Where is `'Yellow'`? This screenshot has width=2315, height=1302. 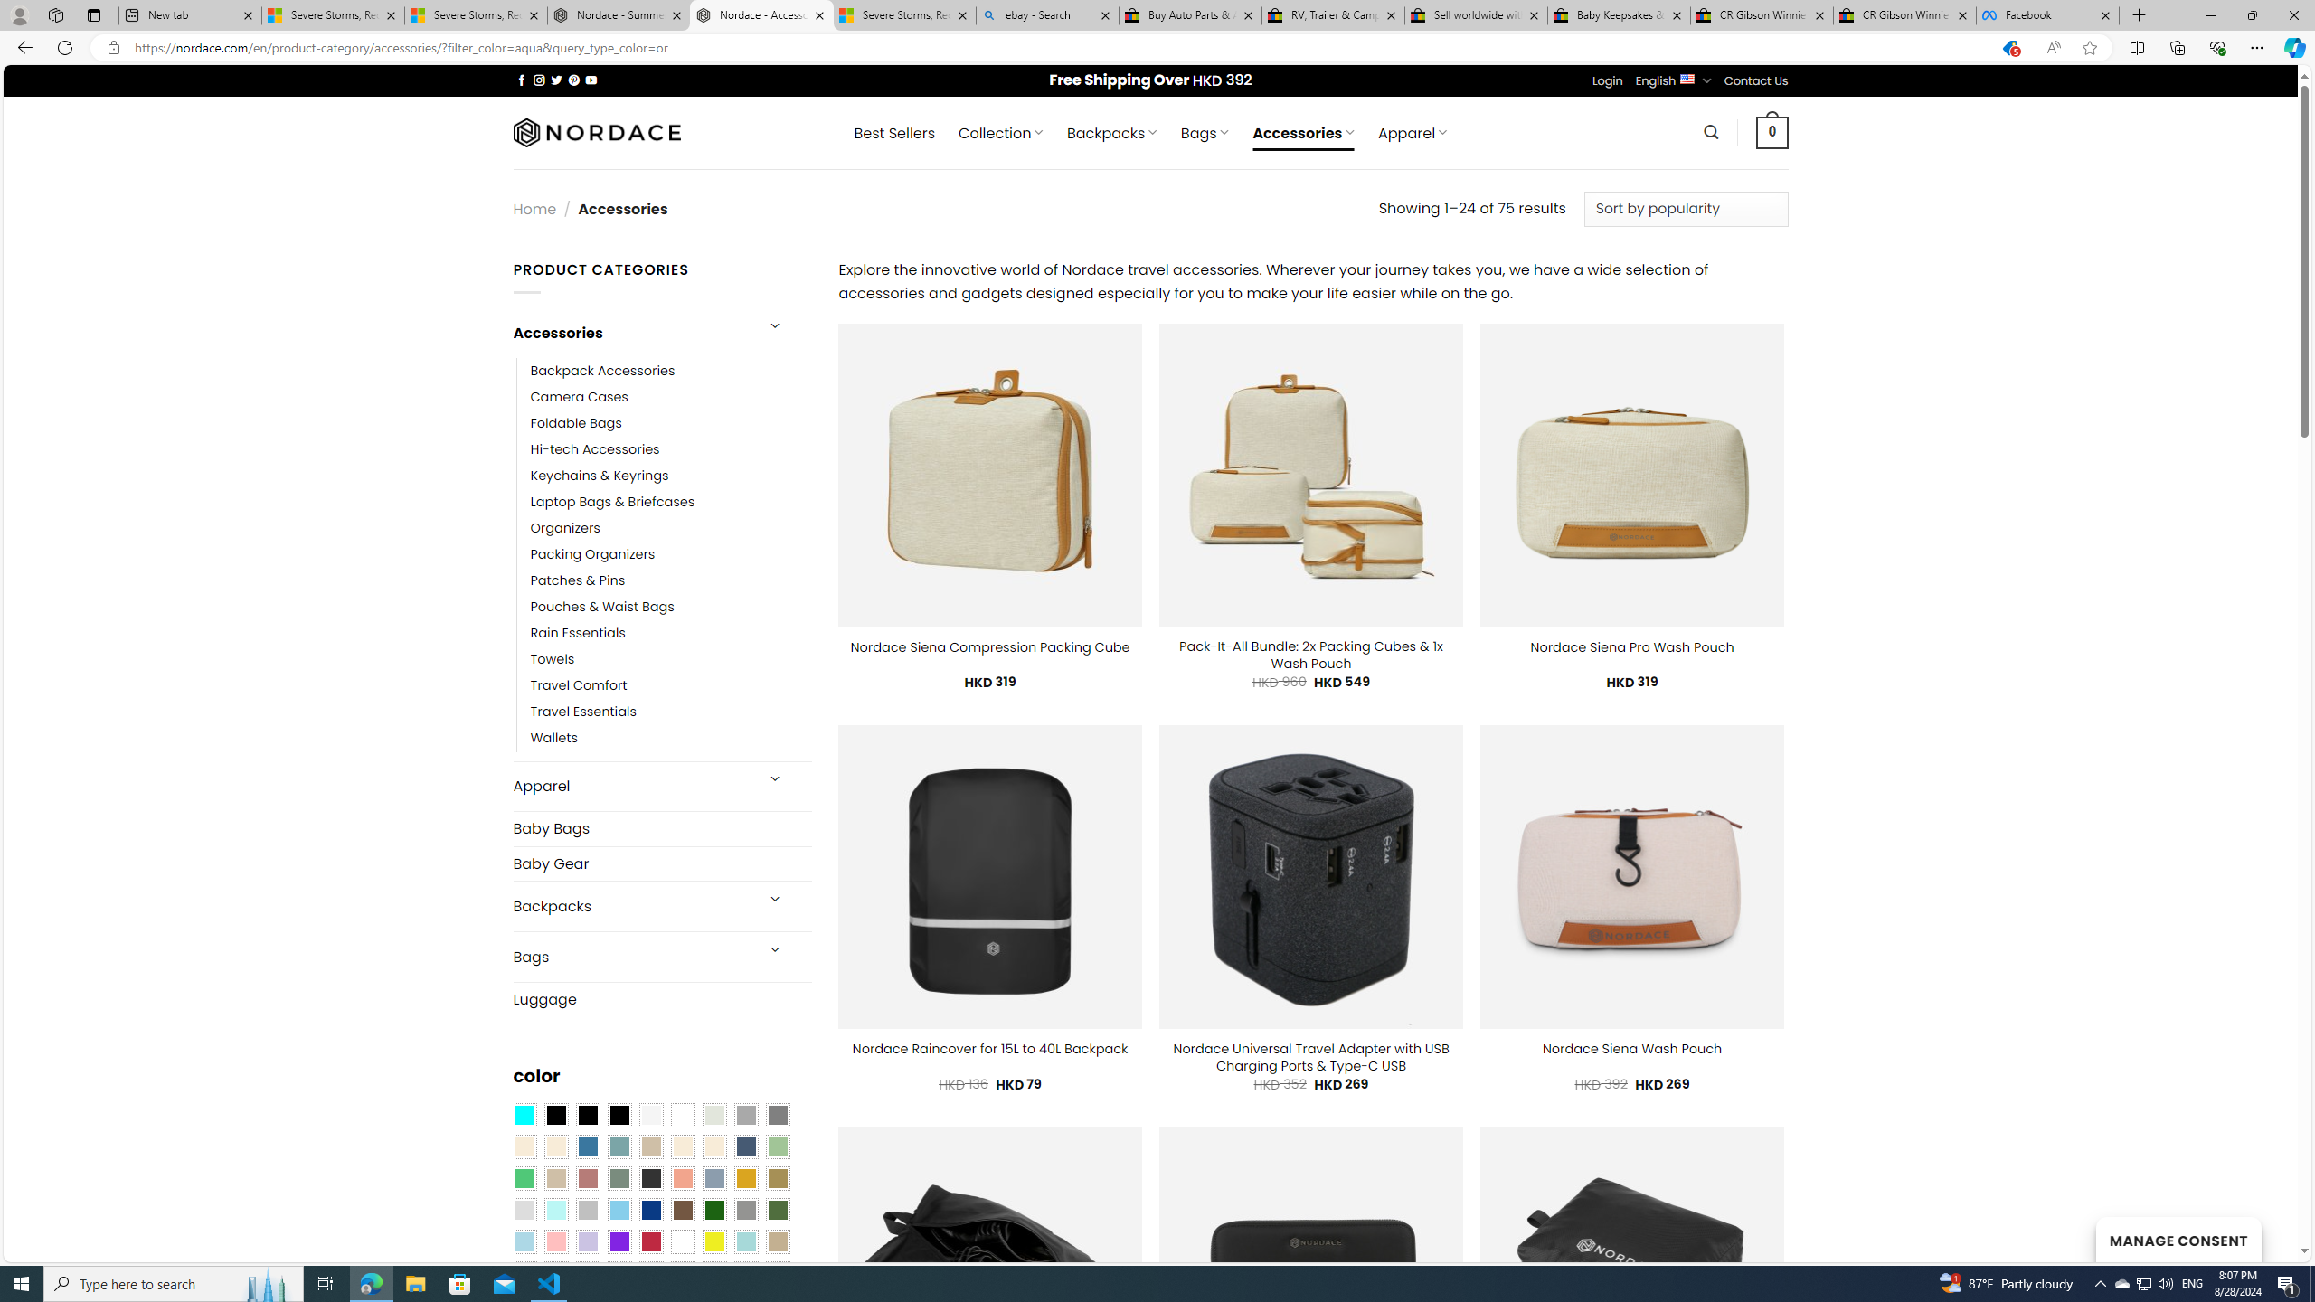 'Yellow' is located at coordinates (714, 1241).